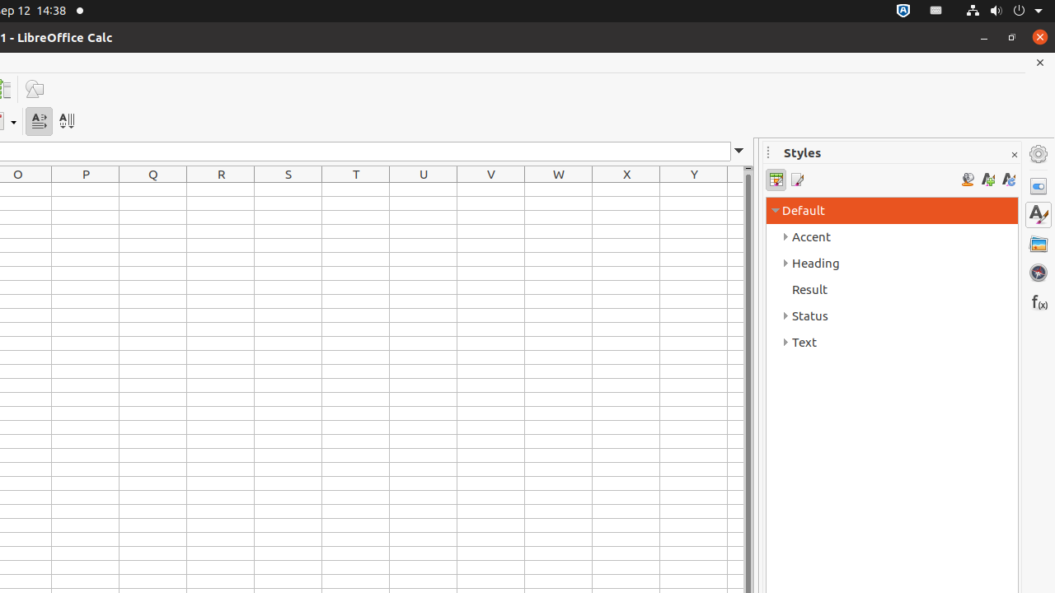 The image size is (1055, 593). What do you see at coordinates (1038, 243) in the screenshot?
I see `'Gallery'` at bounding box center [1038, 243].